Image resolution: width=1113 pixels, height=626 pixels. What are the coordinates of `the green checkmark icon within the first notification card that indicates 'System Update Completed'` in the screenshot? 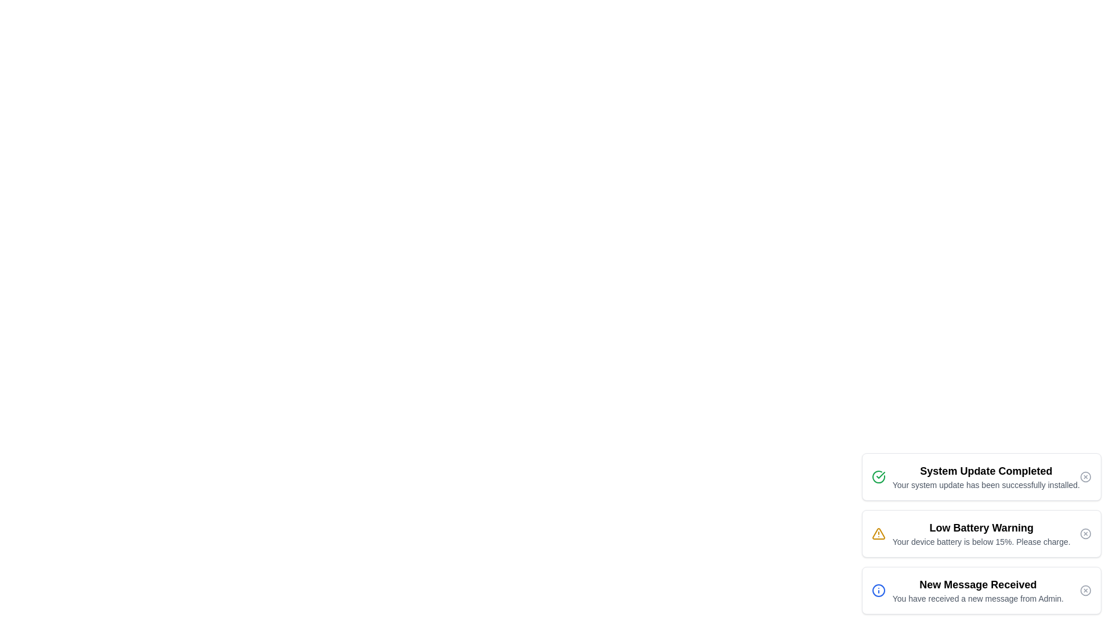 It's located at (881, 475).